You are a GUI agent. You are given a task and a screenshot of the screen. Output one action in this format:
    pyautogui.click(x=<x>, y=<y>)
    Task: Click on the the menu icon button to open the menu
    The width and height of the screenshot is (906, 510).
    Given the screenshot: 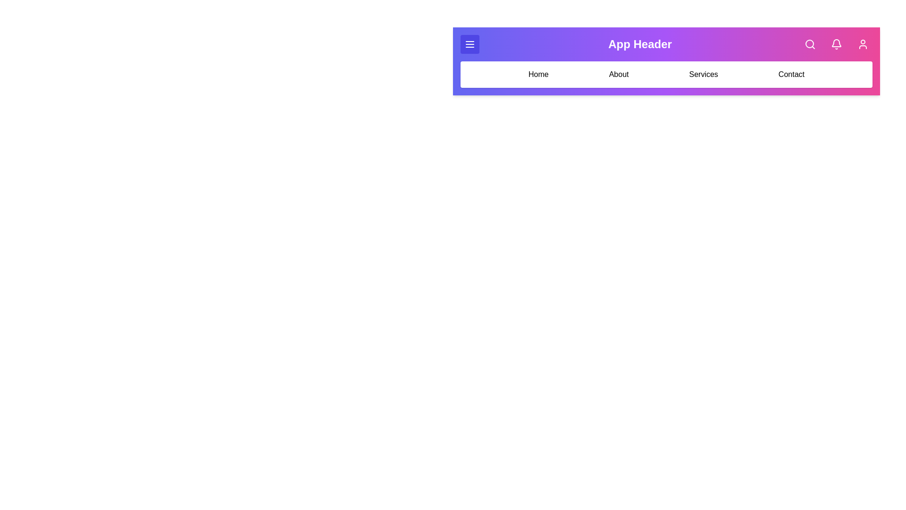 What is the action you would take?
    pyautogui.click(x=470, y=44)
    